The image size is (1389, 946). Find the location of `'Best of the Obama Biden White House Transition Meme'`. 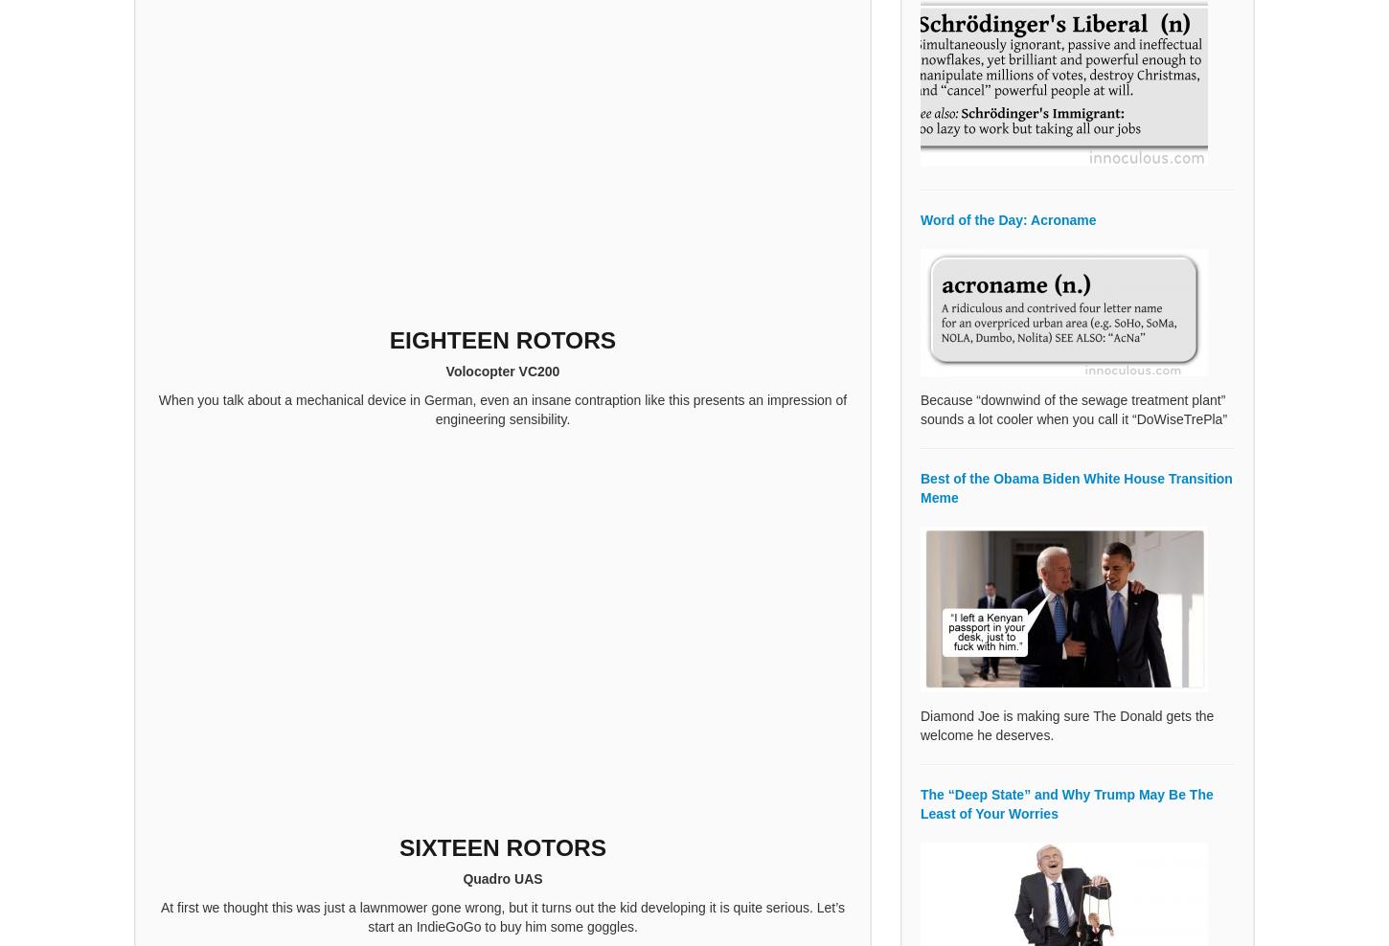

'Best of the Obama Biden White House Transition Meme' is located at coordinates (920, 486).